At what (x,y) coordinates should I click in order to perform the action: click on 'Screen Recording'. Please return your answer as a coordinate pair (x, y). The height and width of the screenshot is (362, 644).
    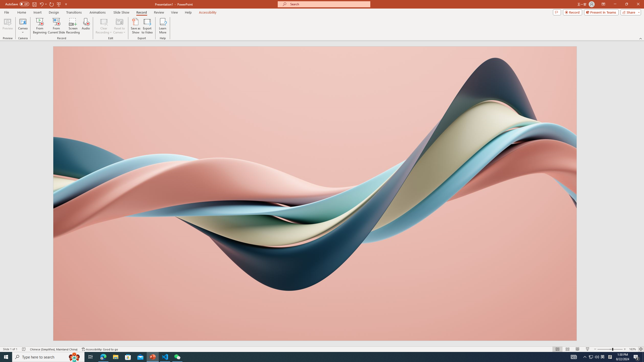
    Looking at the image, I should click on (73, 26).